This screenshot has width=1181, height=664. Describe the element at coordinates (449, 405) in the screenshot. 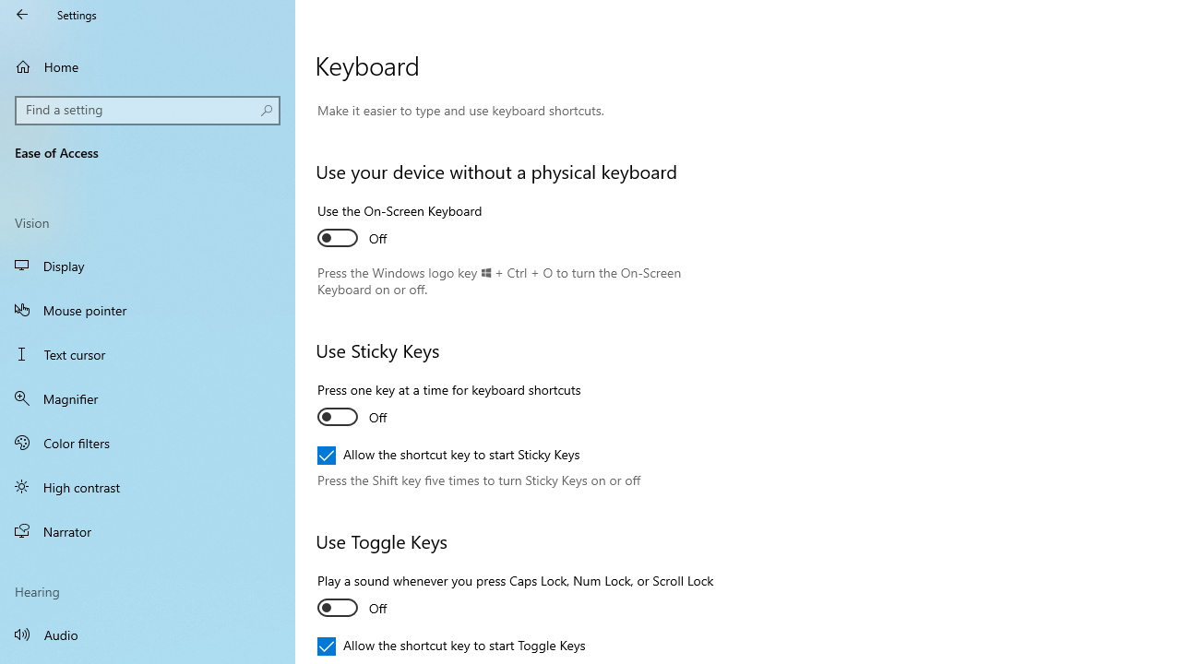

I see `'Press one key at a time for keyboard shortcuts'` at that location.